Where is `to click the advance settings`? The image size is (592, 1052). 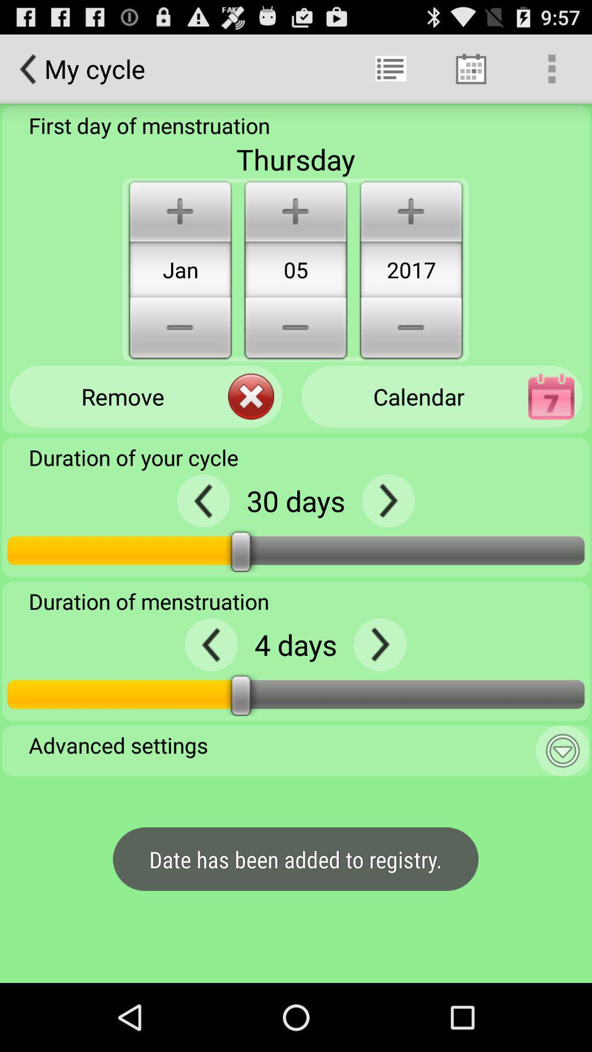 to click the advance settings is located at coordinates (562, 750).